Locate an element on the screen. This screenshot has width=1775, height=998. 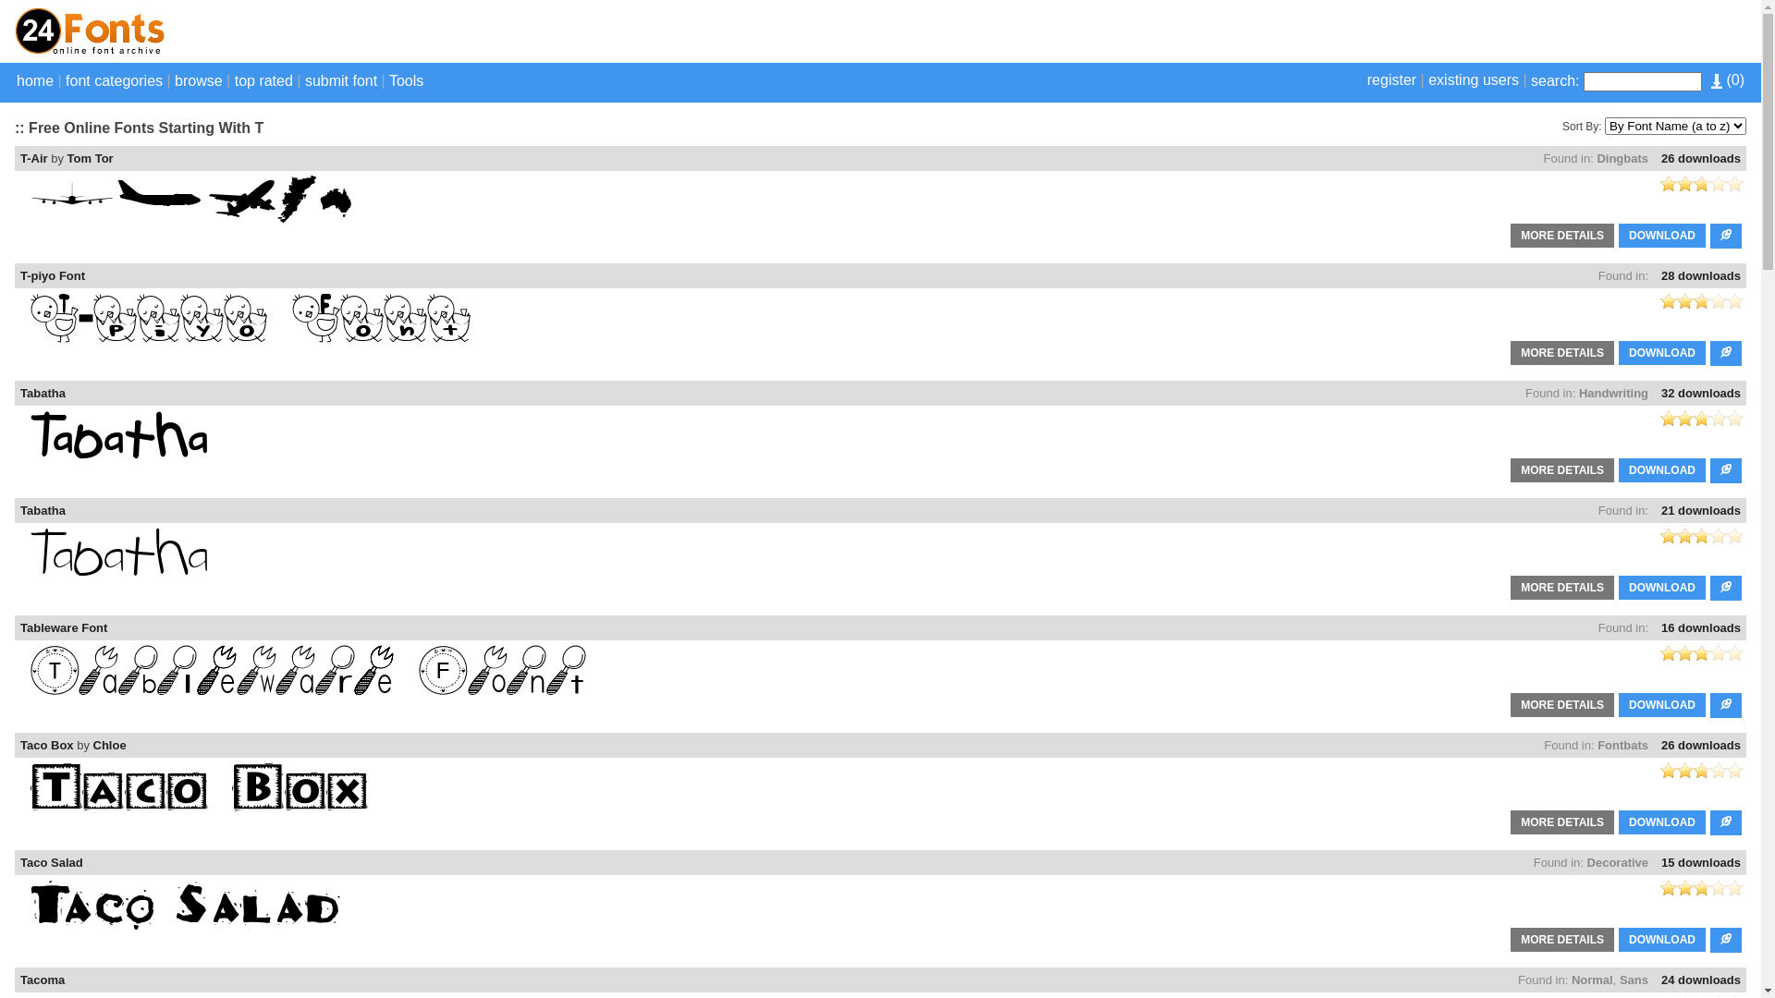
'T-Air' is located at coordinates (34, 157).